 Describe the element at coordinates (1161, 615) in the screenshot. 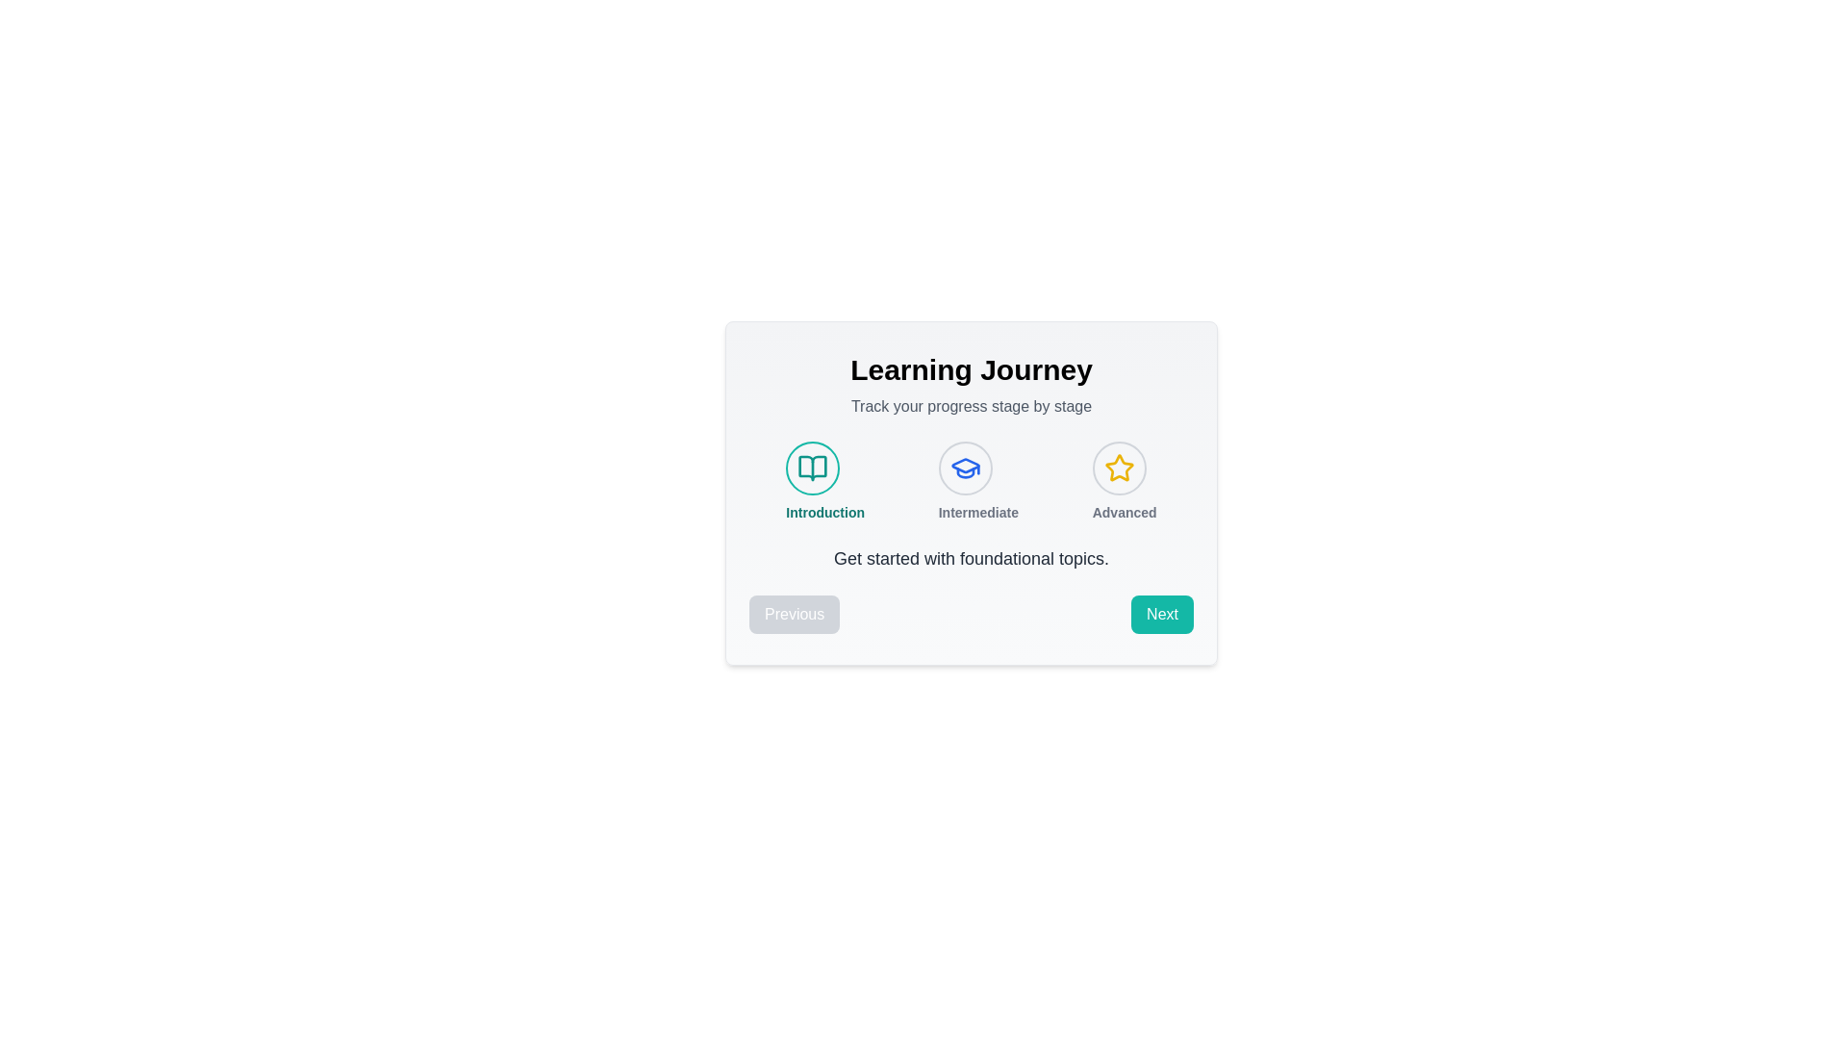

I see `the 'Next' button to navigate forward` at that location.